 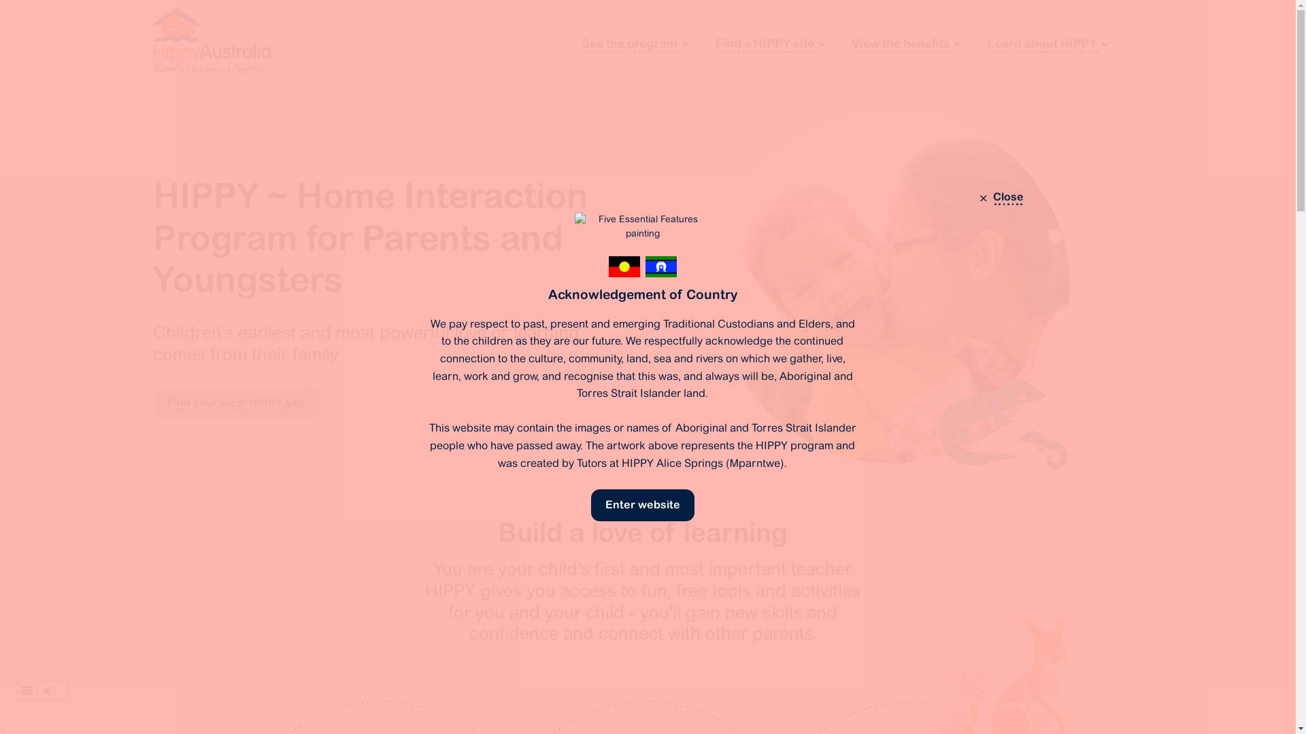 What do you see at coordinates (1047, 43) in the screenshot?
I see `'Learn about HIPPY'` at bounding box center [1047, 43].